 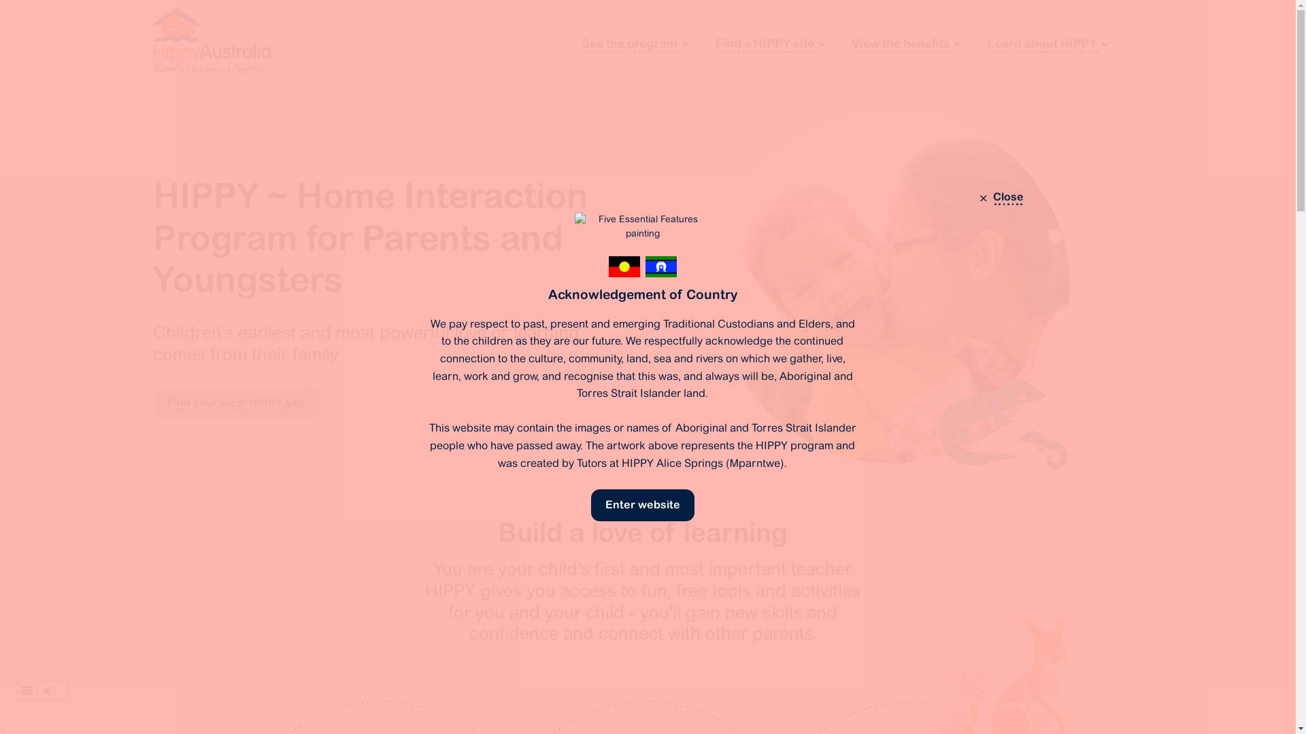 What do you see at coordinates (1047, 43) in the screenshot?
I see `'Learn about HIPPY'` at bounding box center [1047, 43].